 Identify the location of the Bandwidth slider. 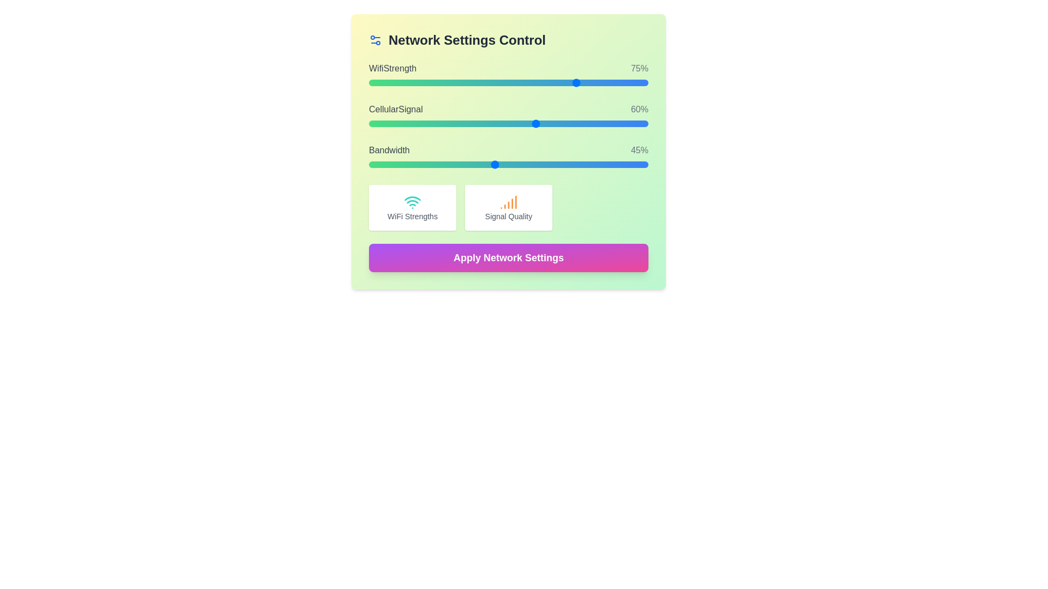
(522, 164).